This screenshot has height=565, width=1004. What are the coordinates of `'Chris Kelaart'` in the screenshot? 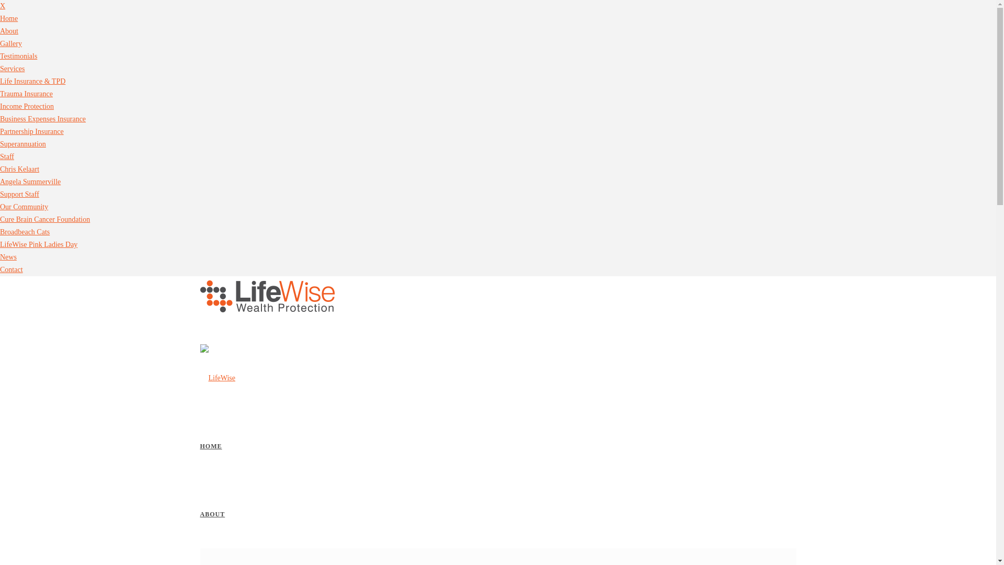 It's located at (19, 168).